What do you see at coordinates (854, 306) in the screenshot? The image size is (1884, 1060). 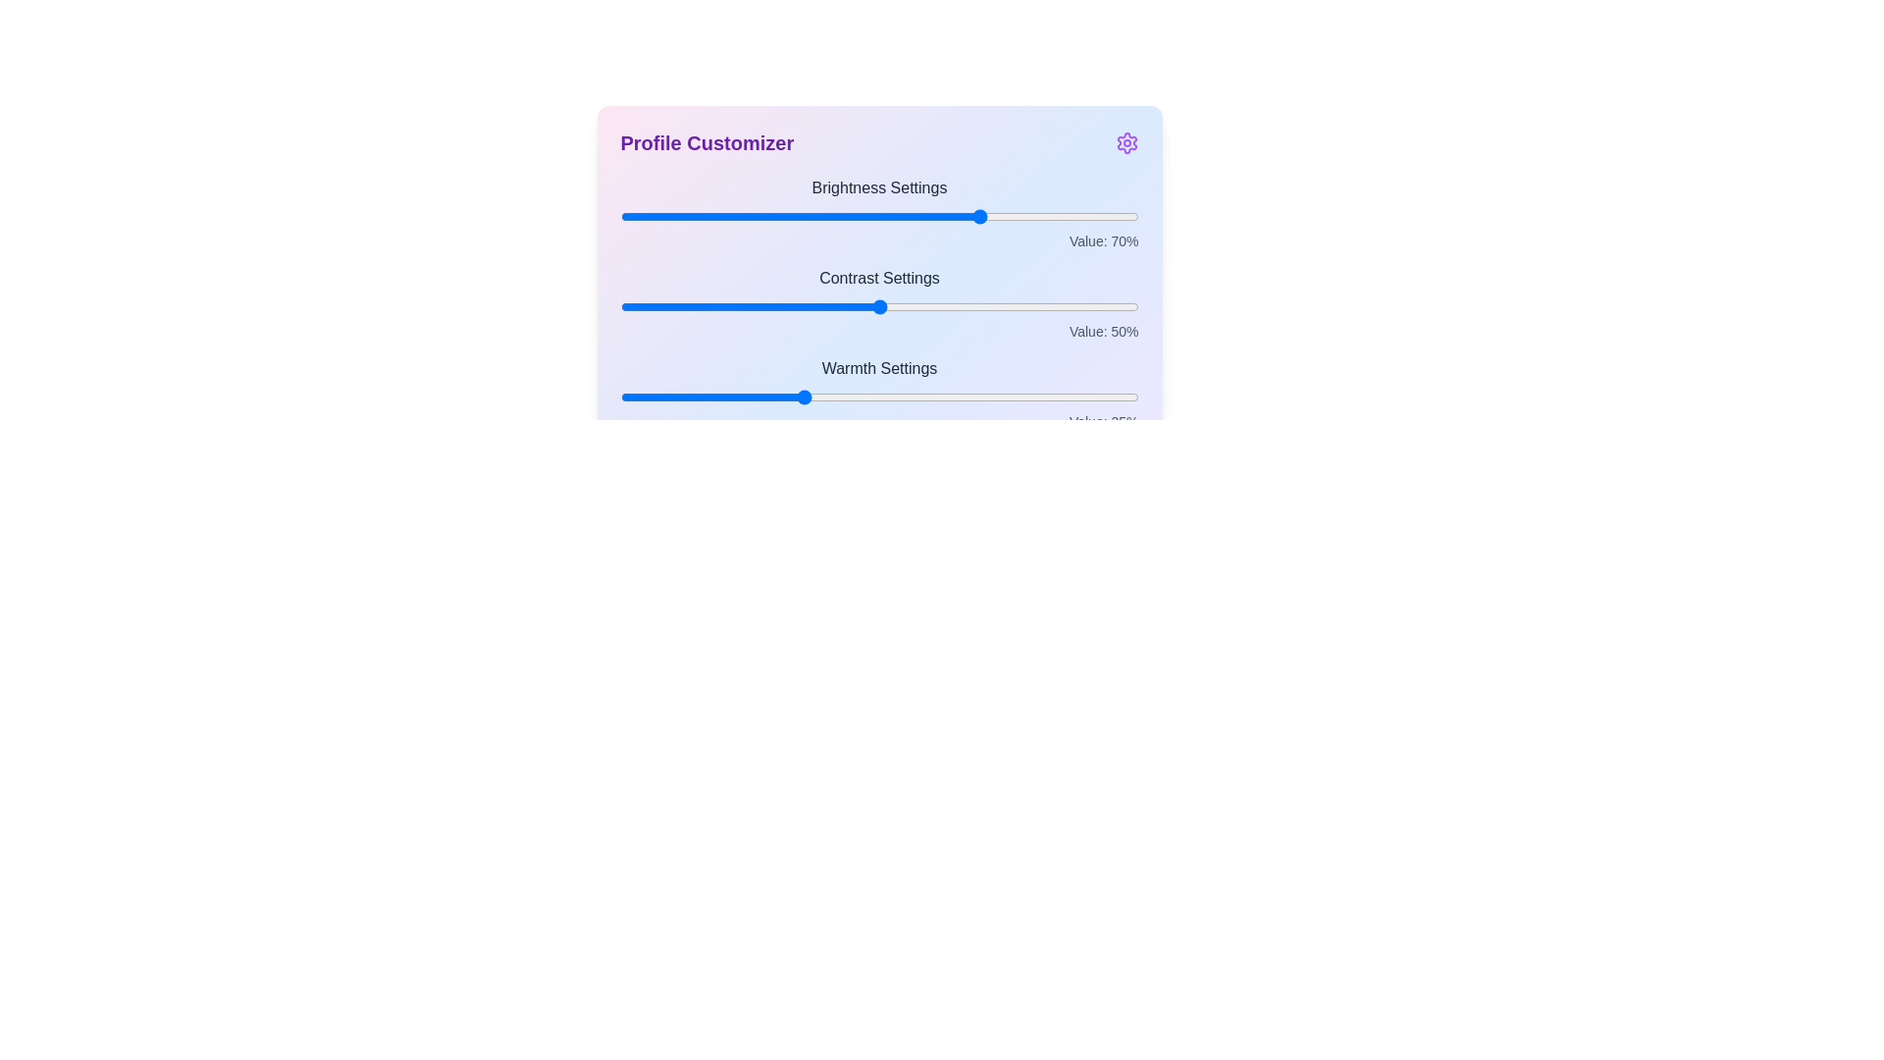 I see `the 1 slider to 45%` at bounding box center [854, 306].